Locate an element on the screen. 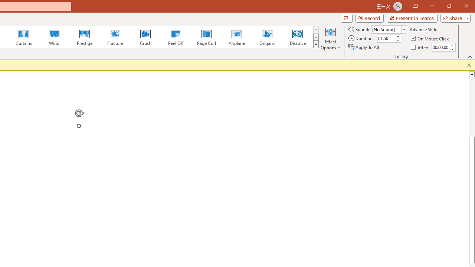  'Effect Options' is located at coordinates (330, 38).